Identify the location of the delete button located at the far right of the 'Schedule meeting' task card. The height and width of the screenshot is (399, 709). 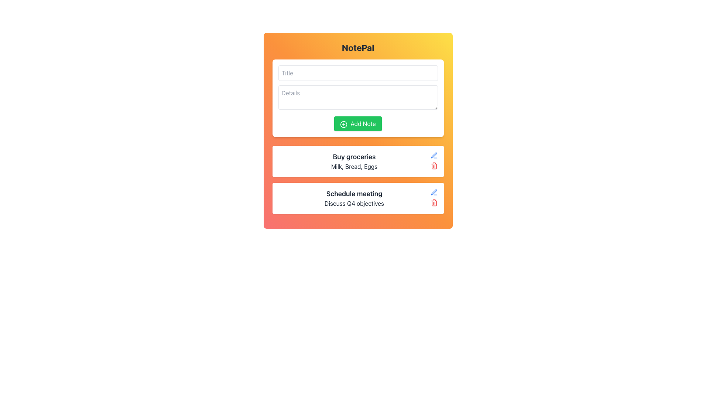
(434, 197).